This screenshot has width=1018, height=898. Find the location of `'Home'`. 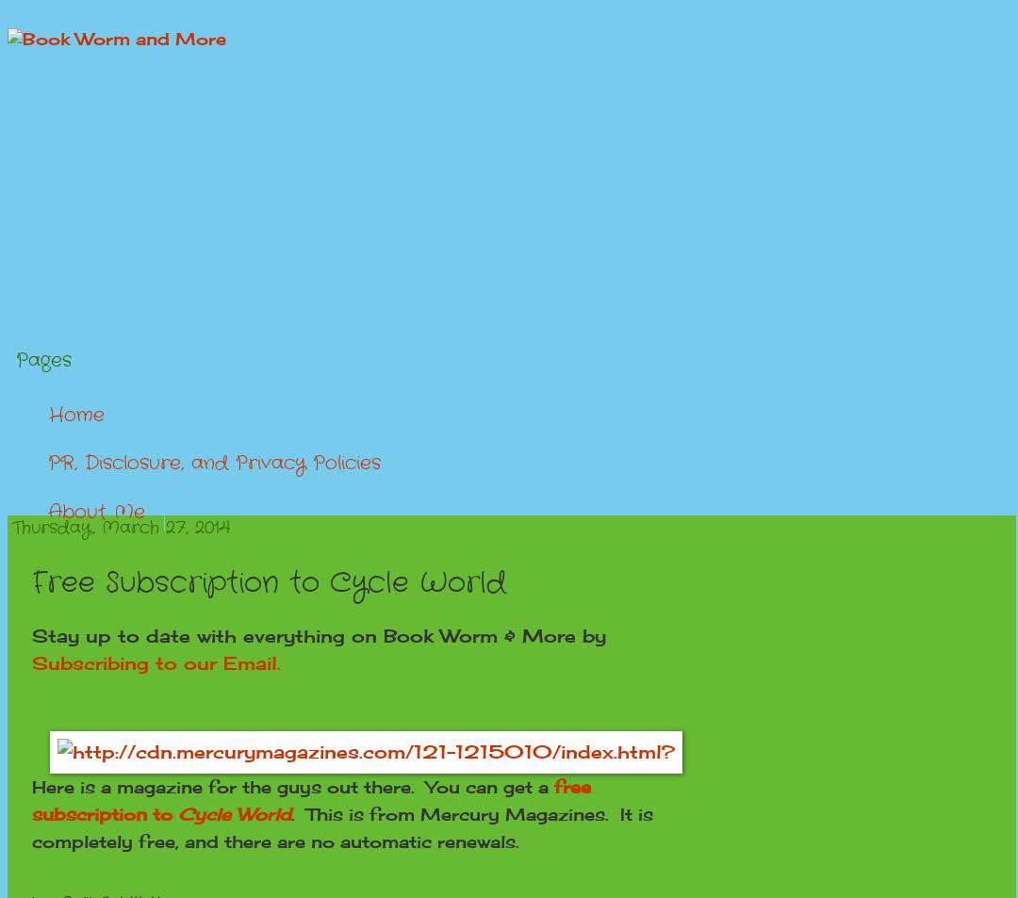

'Home' is located at coordinates (75, 413).